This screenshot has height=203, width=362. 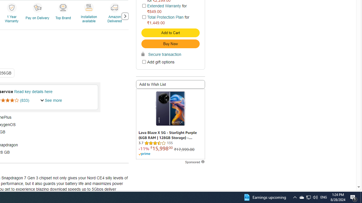 I want to click on 'Prime', so click(x=144, y=154).